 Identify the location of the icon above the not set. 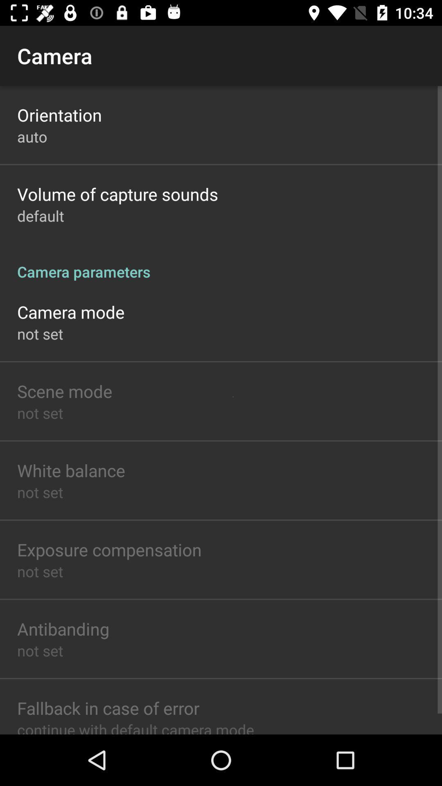
(63, 628).